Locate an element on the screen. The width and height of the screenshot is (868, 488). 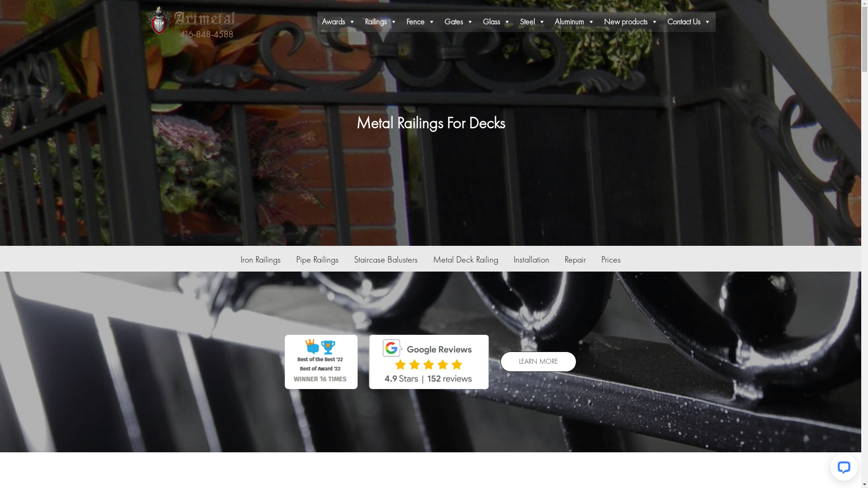
'Fence' is located at coordinates (420, 21).